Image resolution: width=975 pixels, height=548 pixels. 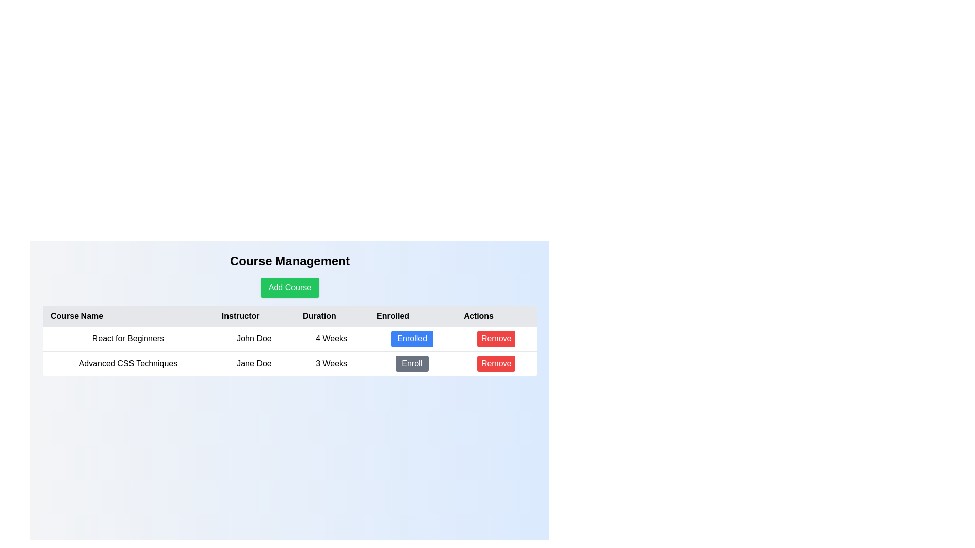 What do you see at coordinates (412, 363) in the screenshot?
I see `the 'Enroll' button, which is a rounded rectangle with gray background and white text located in the course management table` at bounding box center [412, 363].